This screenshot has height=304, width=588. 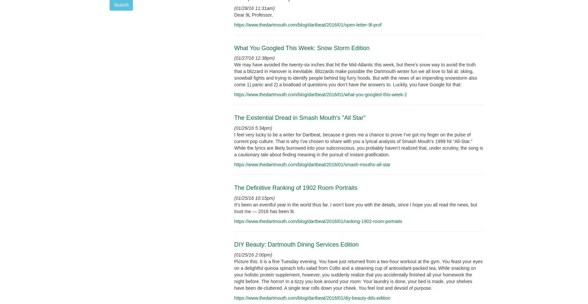 What do you see at coordinates (254, 57) in the screenshot?
I see `'(01/27/16 12:38pm)'` at bounding box center [254, 57].